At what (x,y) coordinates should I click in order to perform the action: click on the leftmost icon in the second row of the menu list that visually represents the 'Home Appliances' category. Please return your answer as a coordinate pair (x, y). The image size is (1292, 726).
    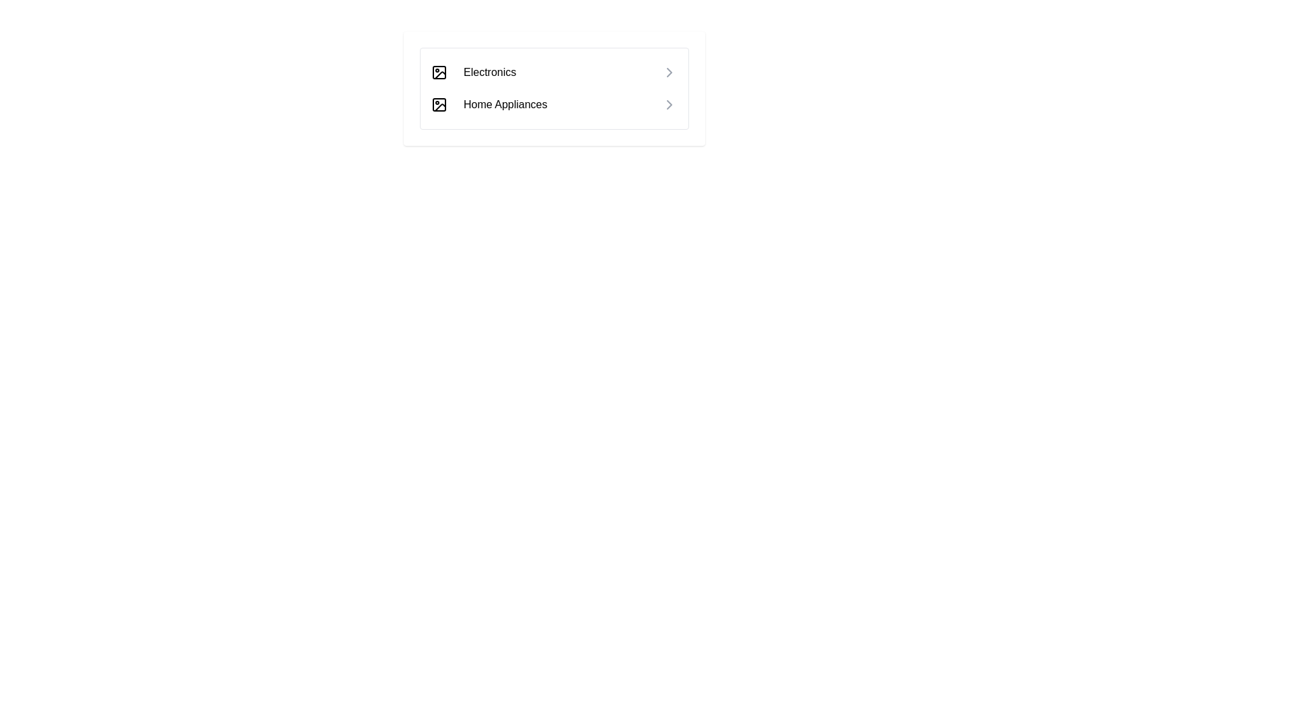
    Looking at the image, I should click on (439, 104).